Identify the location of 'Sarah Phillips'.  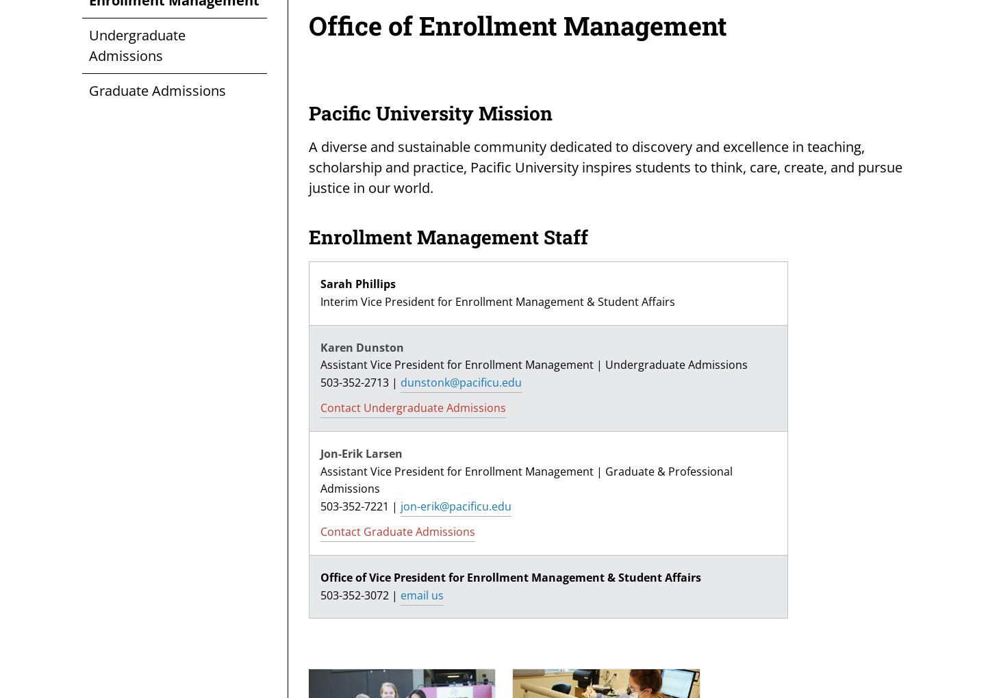
(357, 284).